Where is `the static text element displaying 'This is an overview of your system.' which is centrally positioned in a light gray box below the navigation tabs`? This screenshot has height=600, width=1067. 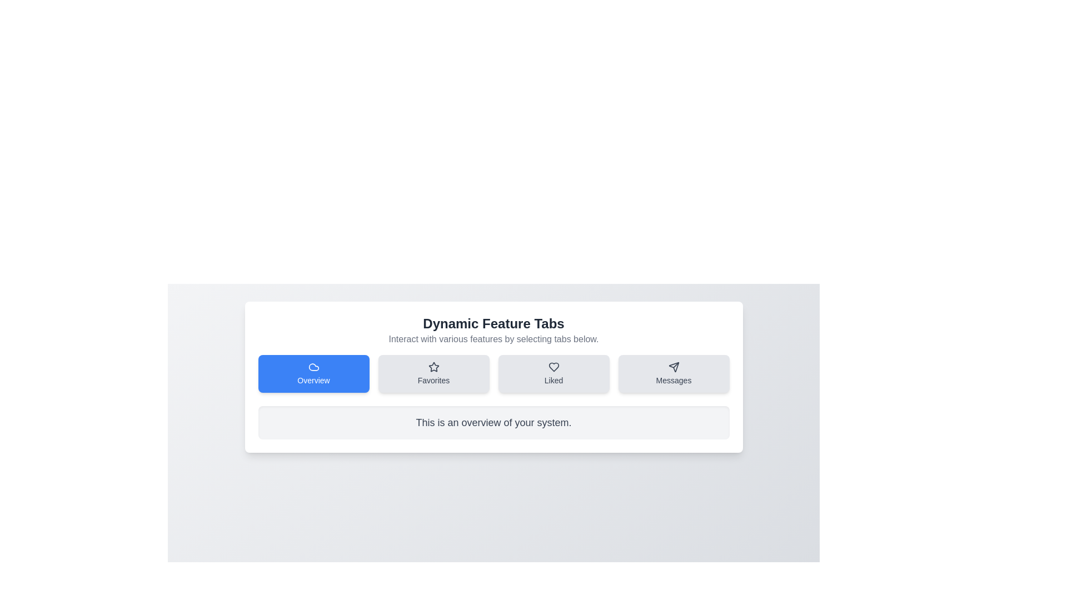 the static text element displaying 'This is an overview of your system.' which is centrally positioned in a light gray box below the navigation tabs is located at coordinates (493, 422).